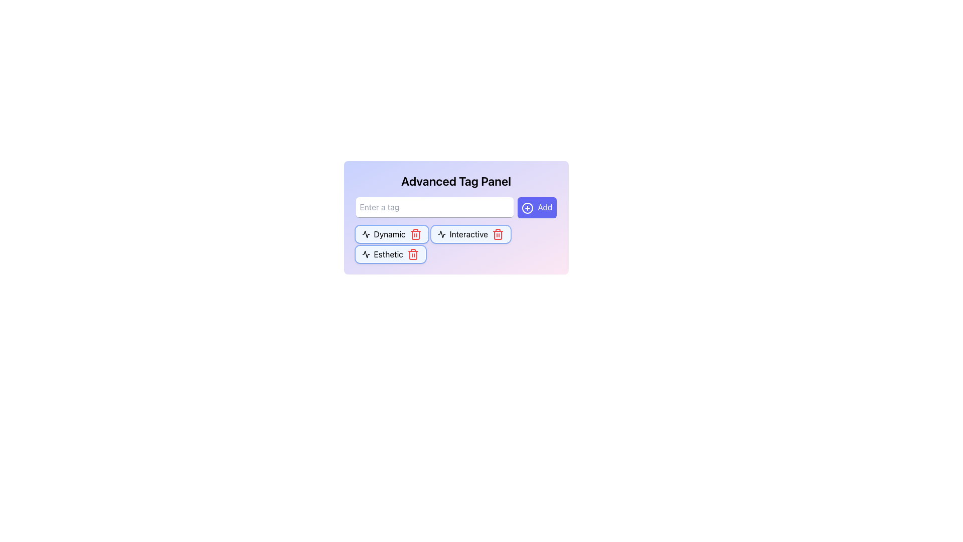  Describe the element at coordinates (365, 234) in the screenshot. I see `the small, stylized icon resembling an activity graph or waveform located in the tag management panel` at that location.